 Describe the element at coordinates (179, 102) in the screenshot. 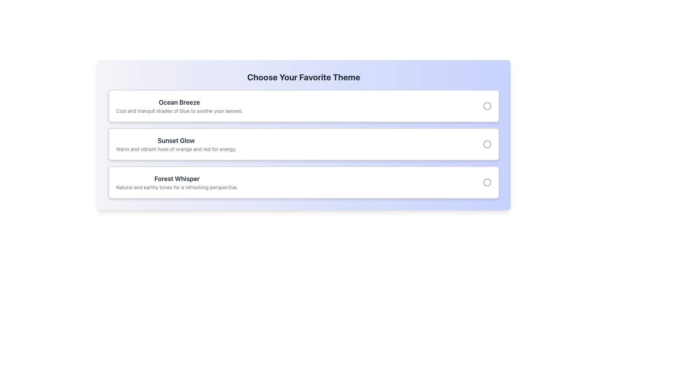

I see `text content of the title 'Ocean Breeze', which is styled in a larger font size and bold weight, located centrally at the top section of the interface` at that location.